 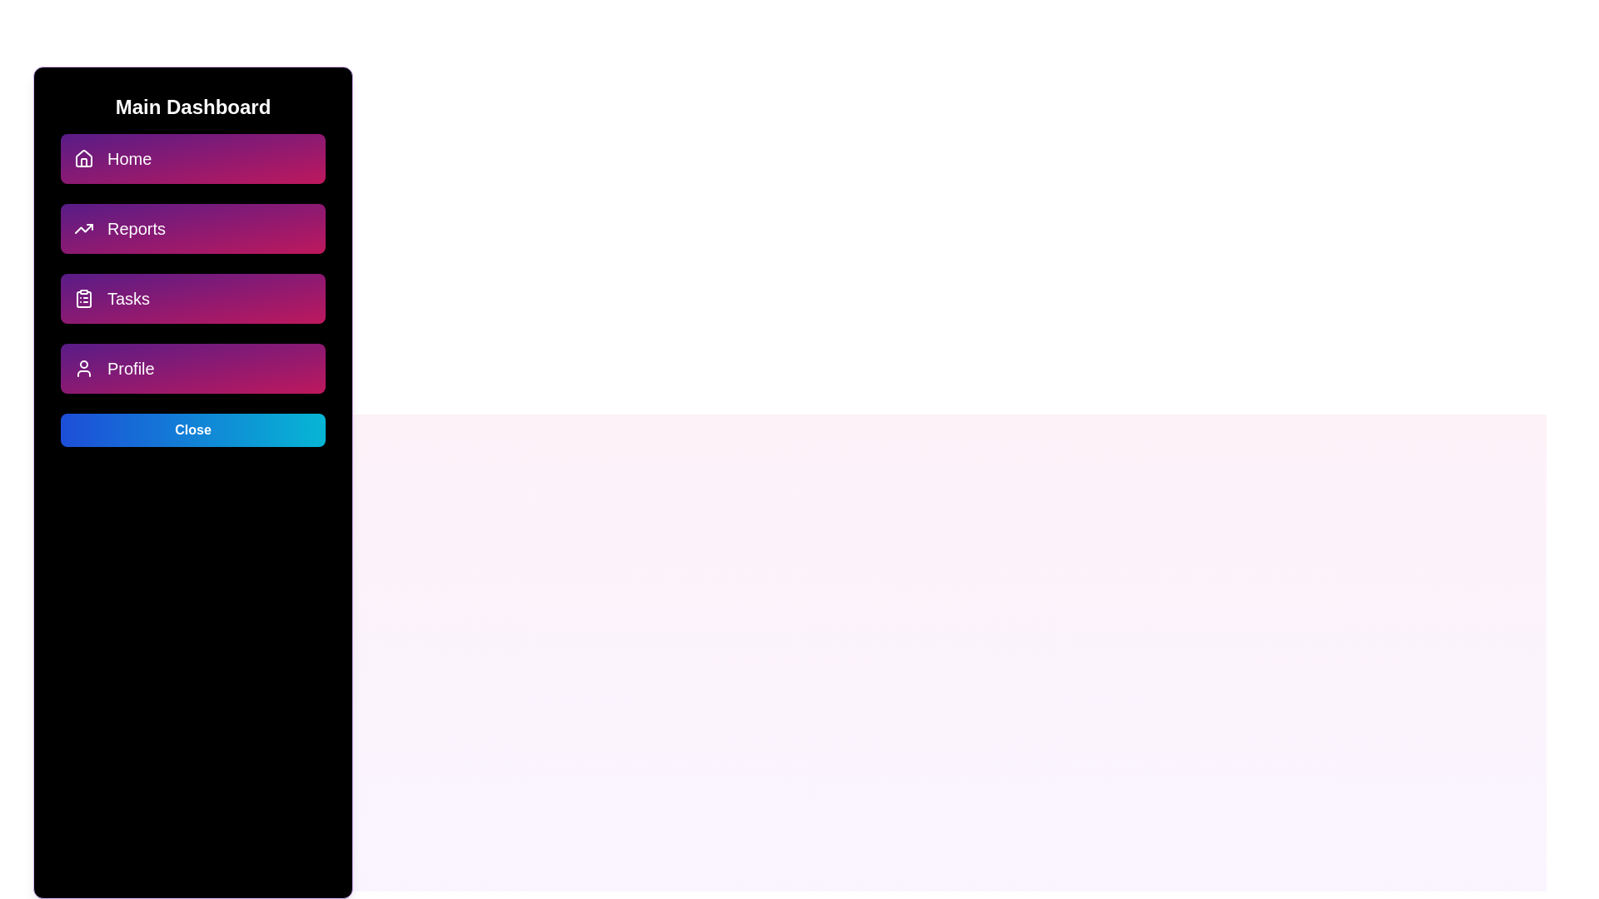 I want to click on the menu option Profile to navigate to the respective section, so click(x=192, y=368).